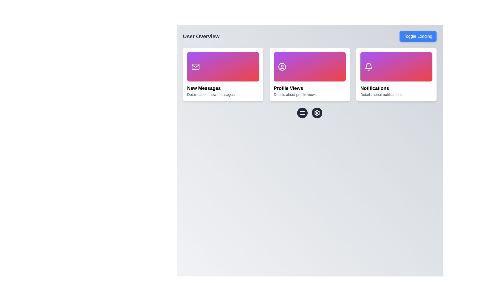 This screenshot has height=283, width=504. I want to click on the left button in the horizontal toolbar located beneath the 'New Messages,' 'Profile Views,' and 'Notifications' sections, which contains two circular buttons with dark backgrounds and white icons, so click(310, 113).